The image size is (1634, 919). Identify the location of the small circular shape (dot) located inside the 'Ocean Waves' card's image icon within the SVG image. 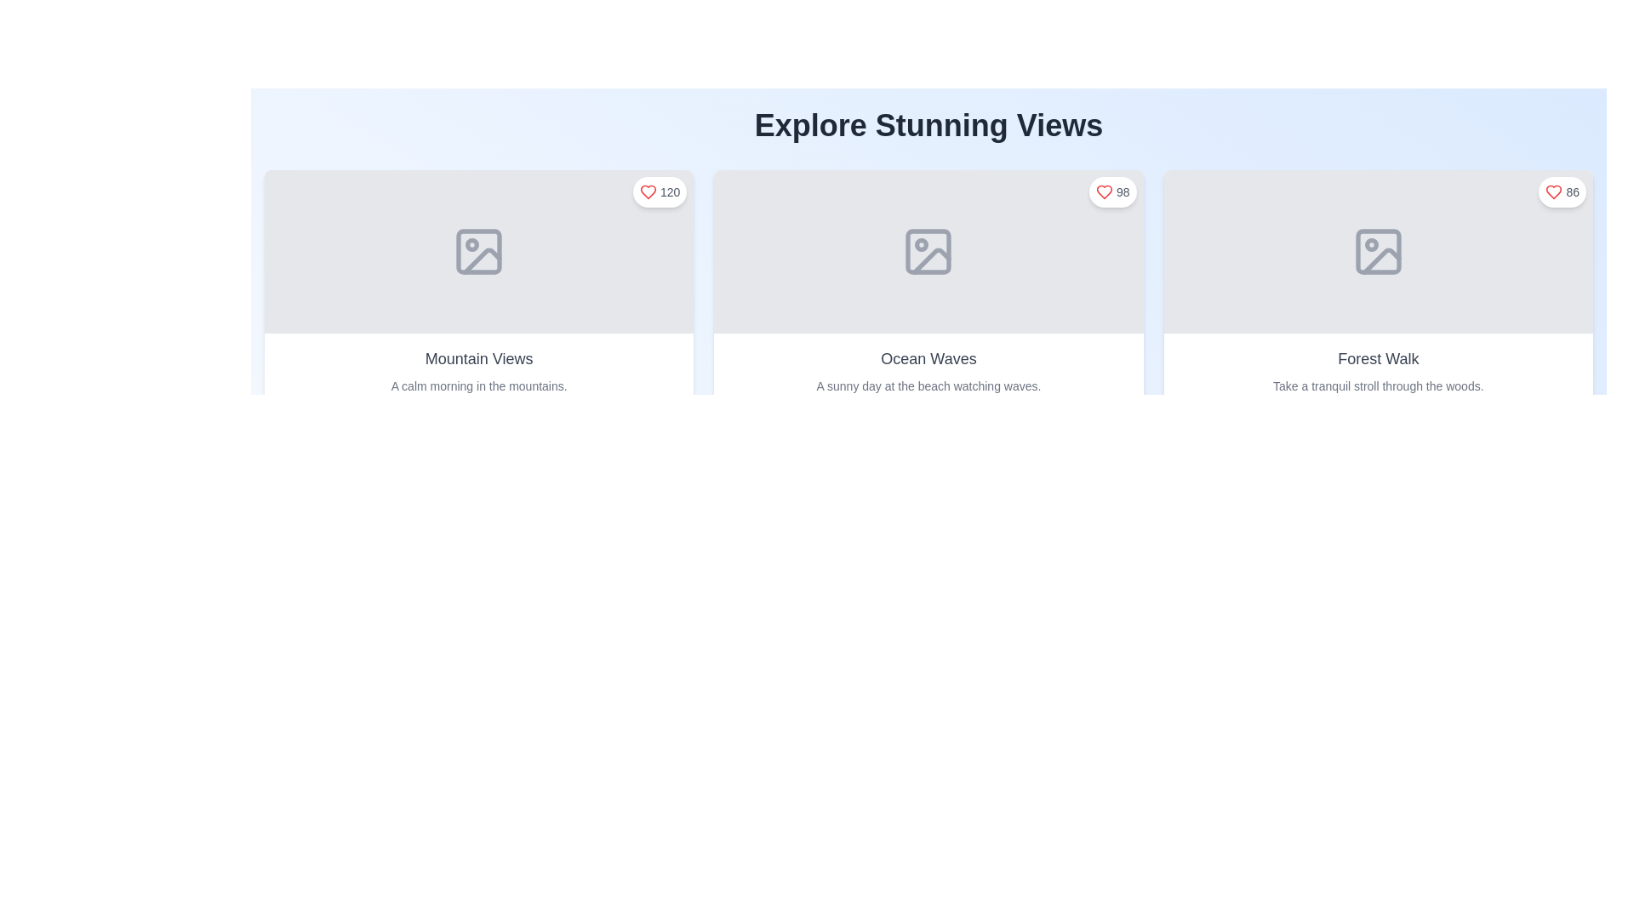
(921, 245).